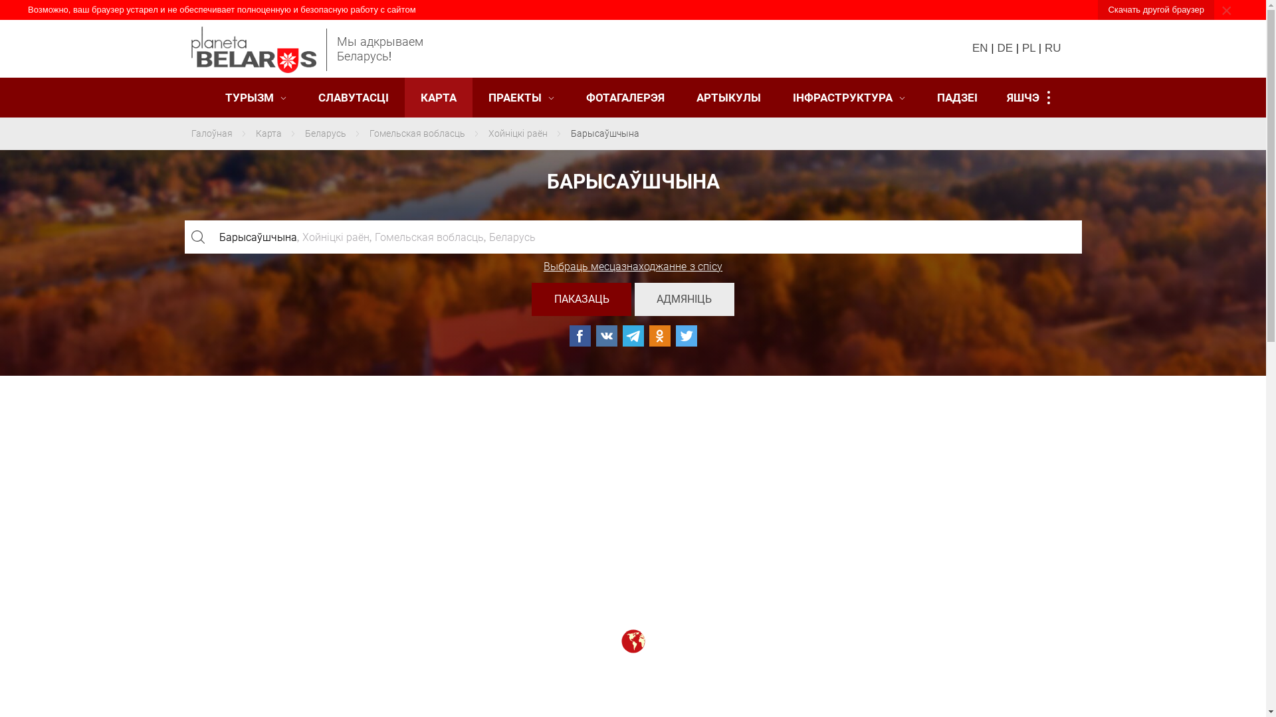 The height and width of the screenshot is (717, 1276). What do you see at coordinates (1027, 47) in the screenshot?
I see `'PL'` at bounding box center [1027, 47].